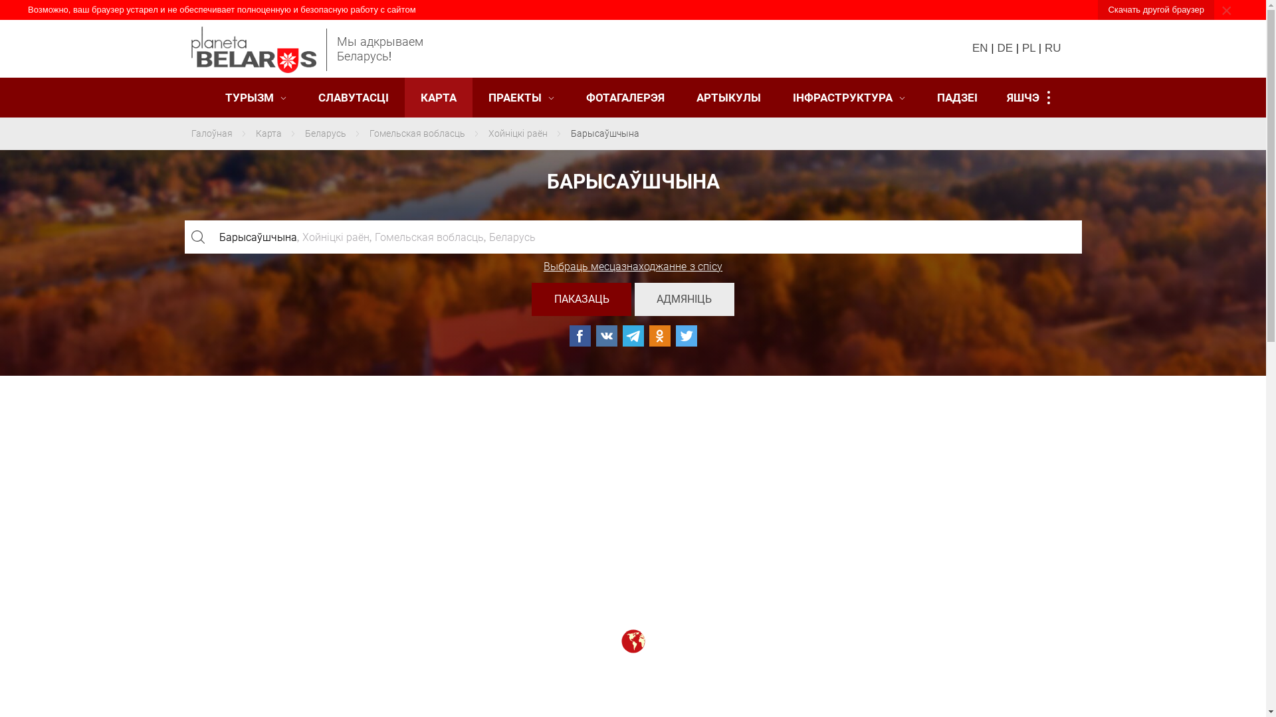 The height and width of the screenshot is (717, 1276). What do you see at coordinates (1027, 47) in the screenshot?
I see `'PL'` at bounding box center [1027, 47].